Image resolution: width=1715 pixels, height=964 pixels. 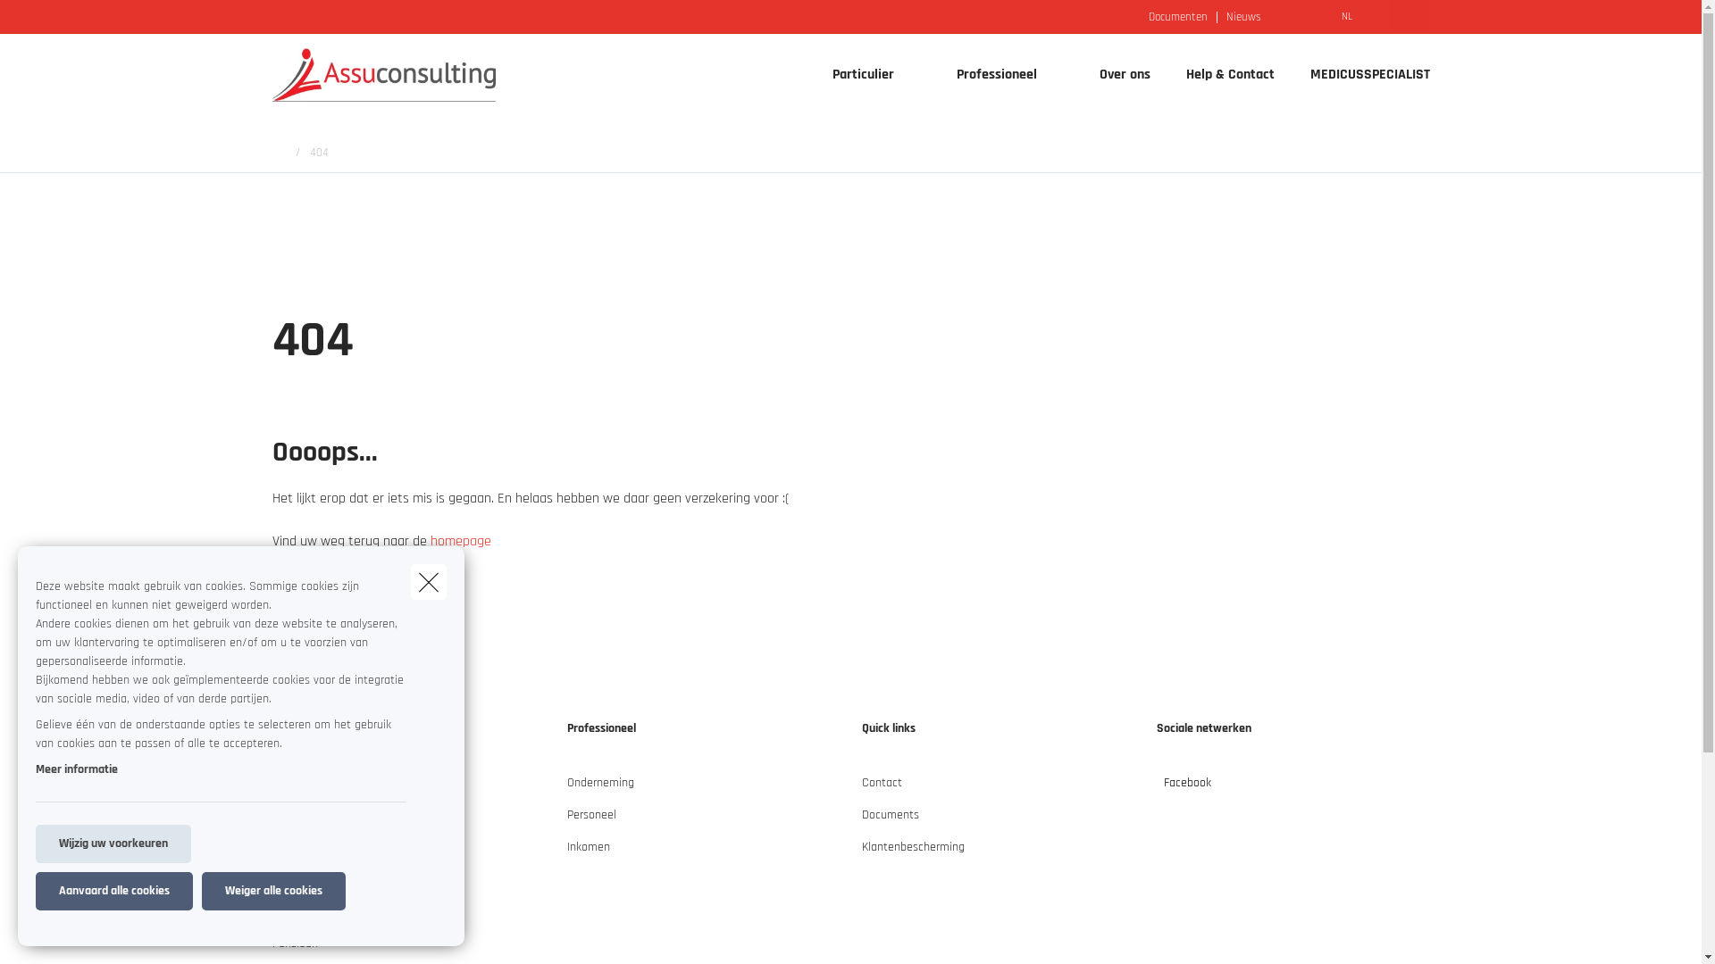 What do you see at coordinates (587, 852) in the screenshot?
I see `'Inkomen'` at bounding box center [587, 852].